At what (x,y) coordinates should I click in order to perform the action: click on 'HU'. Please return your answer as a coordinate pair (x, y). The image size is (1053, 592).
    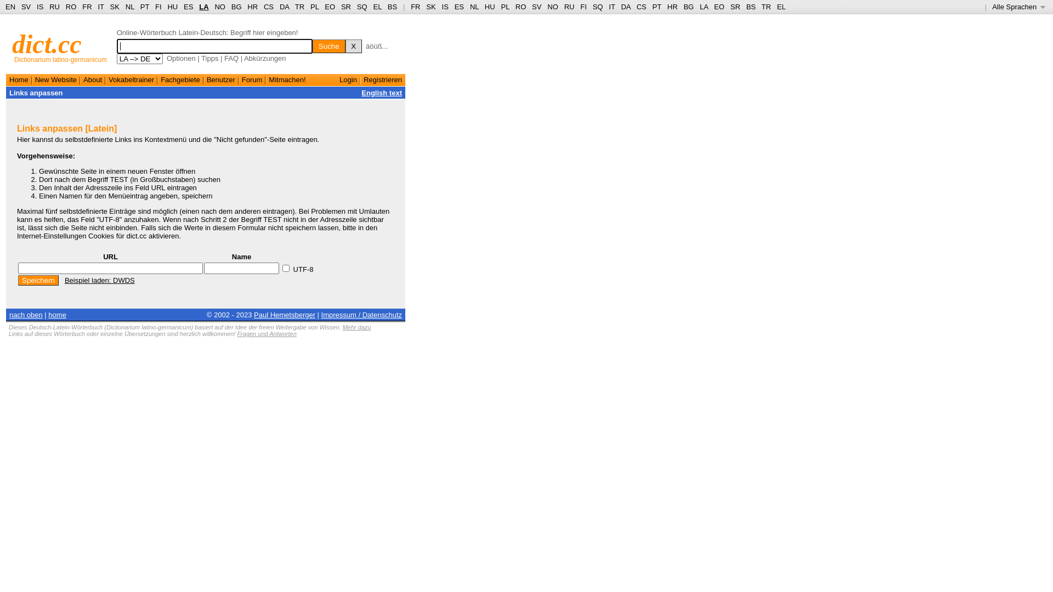
    Looking at the image, I should click on (172, 7).